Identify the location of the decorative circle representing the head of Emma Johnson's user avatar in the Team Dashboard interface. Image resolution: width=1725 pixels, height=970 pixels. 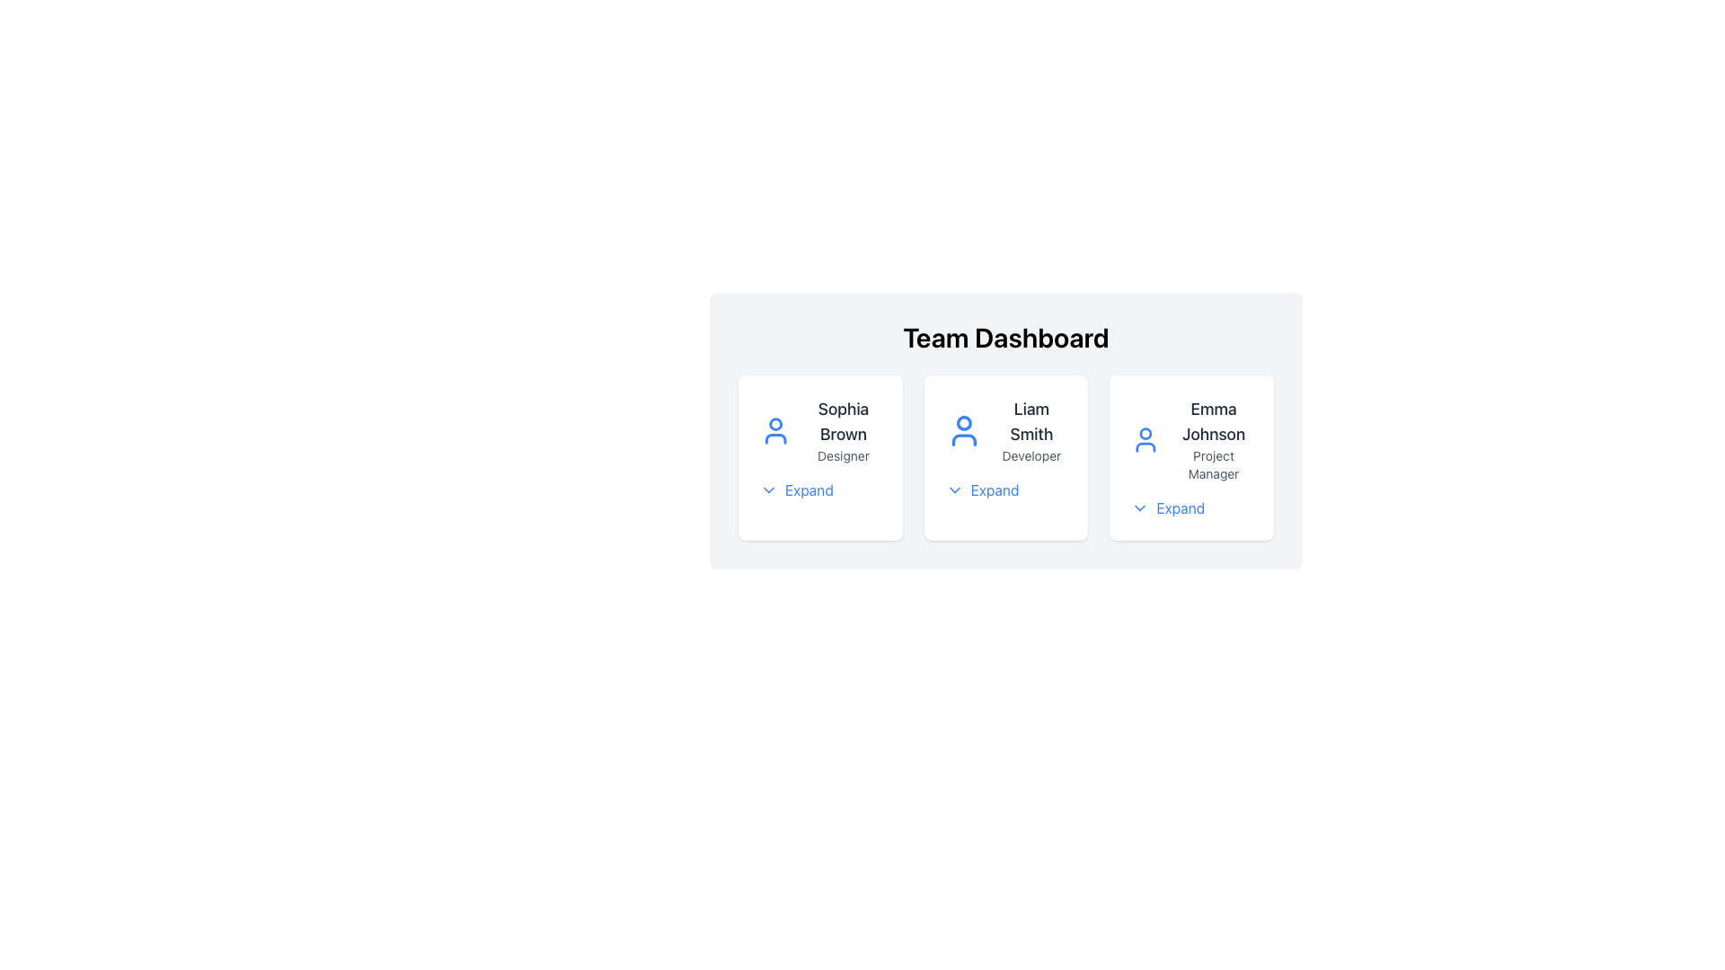
(1145, 434).